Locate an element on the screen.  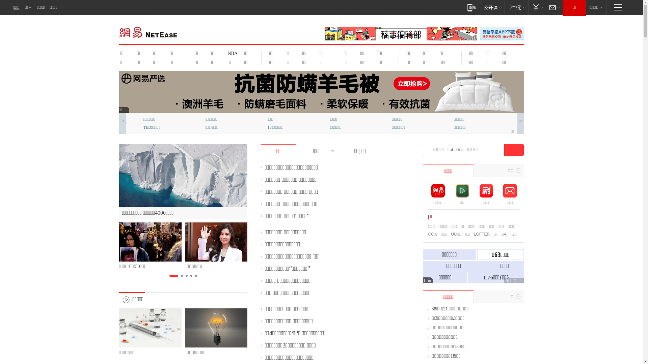
'NBA' is located at coordinates (232, 53).